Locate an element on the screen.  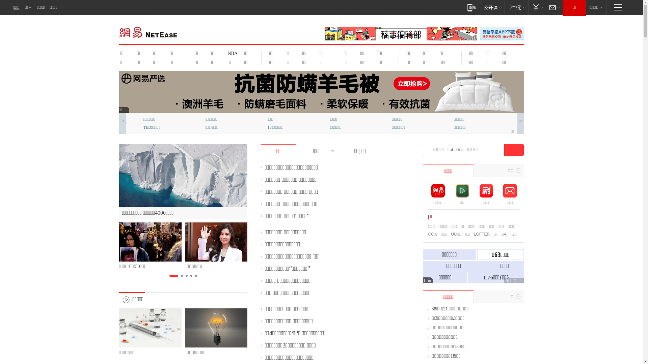
'NBA' is located at coordinates (232, 53).